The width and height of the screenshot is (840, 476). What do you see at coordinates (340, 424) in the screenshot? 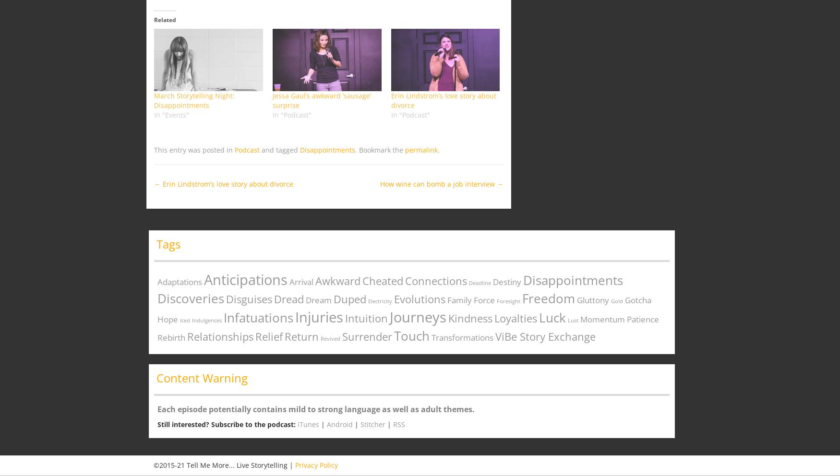
I see `'Android'` at bounding box center [340, 424].